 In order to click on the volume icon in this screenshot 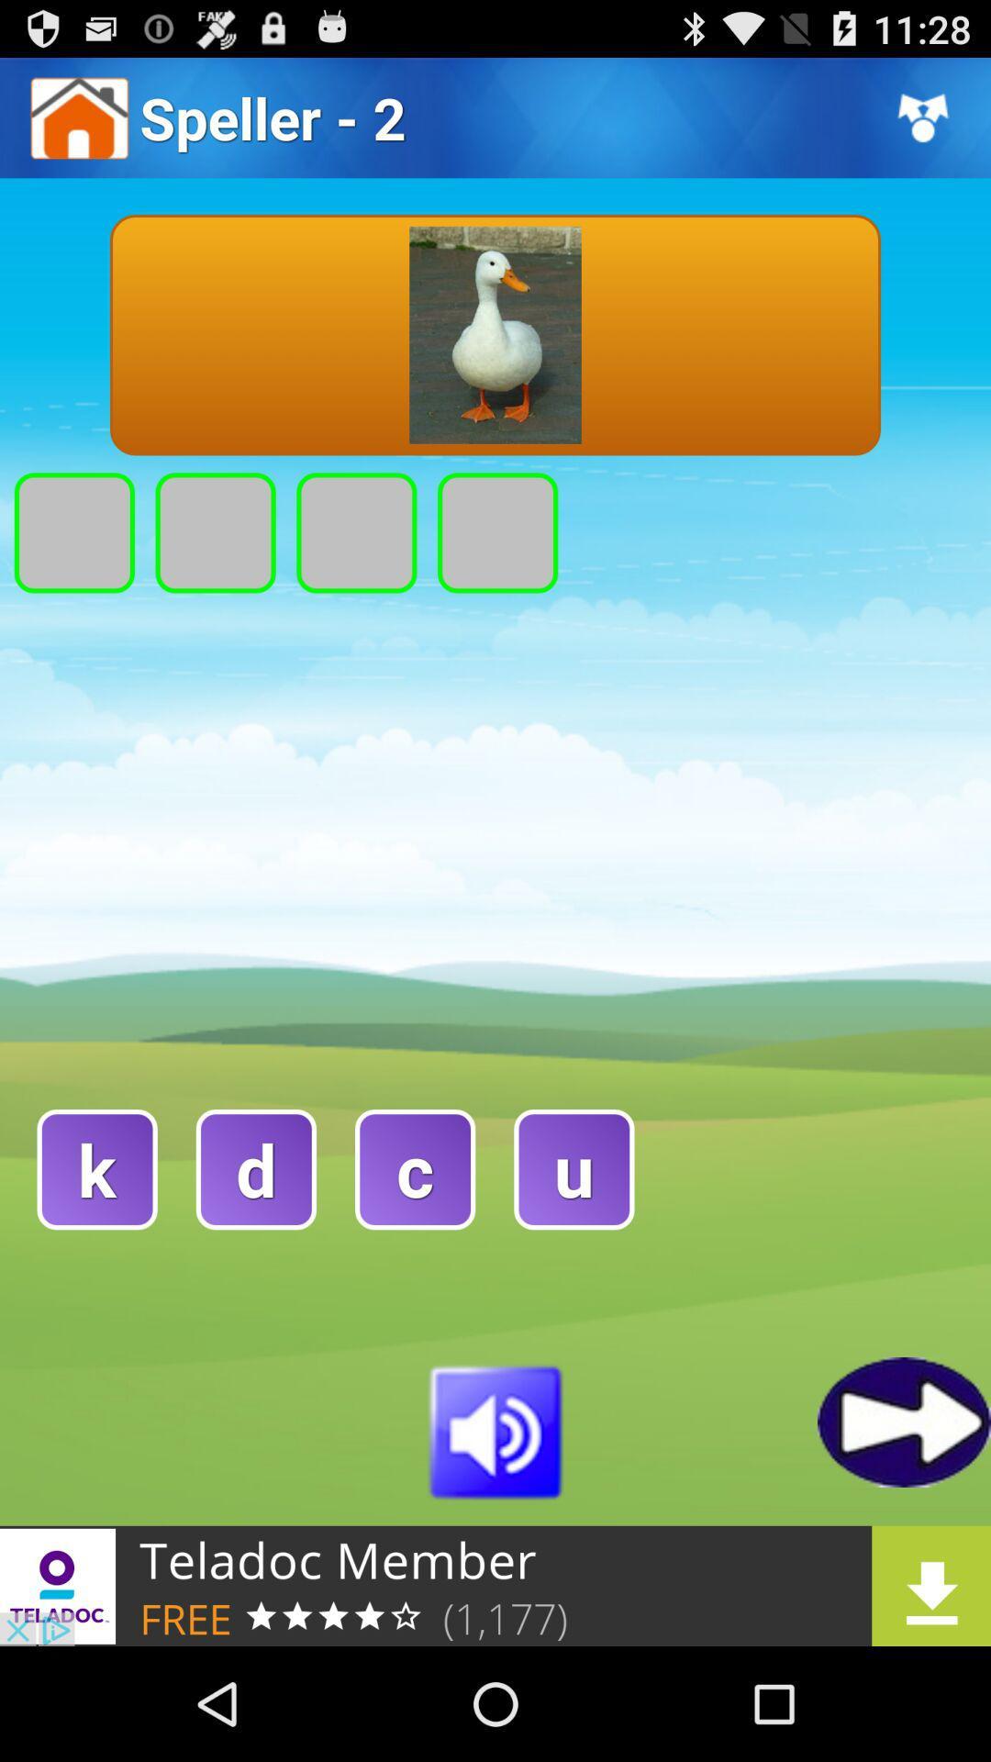, I will do `click(495, 1530)`.